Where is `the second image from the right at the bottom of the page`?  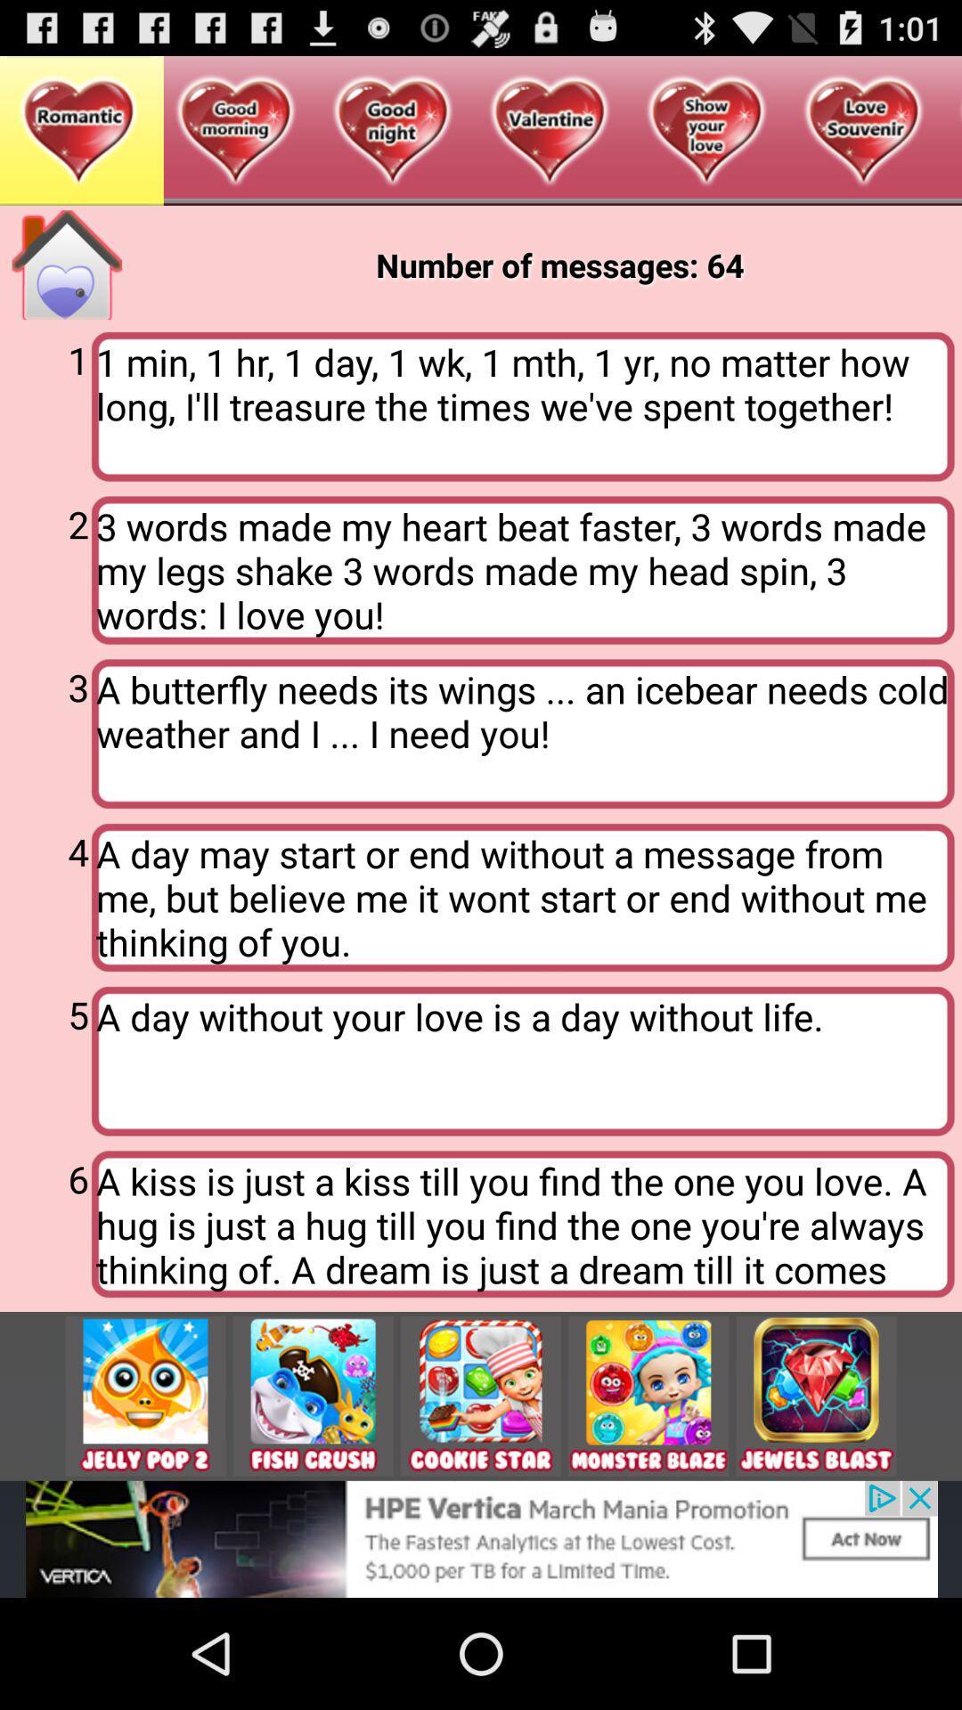 the second image from the right at the bottom of the page is located at coordinates (648, 1396).